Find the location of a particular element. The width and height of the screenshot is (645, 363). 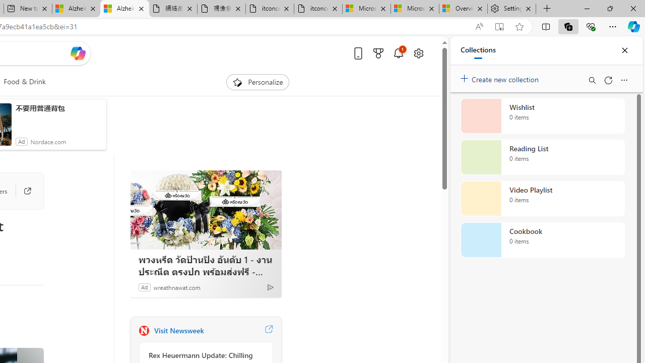

'Wishlist collection, 0 items' is located at coordinates (542, 115).